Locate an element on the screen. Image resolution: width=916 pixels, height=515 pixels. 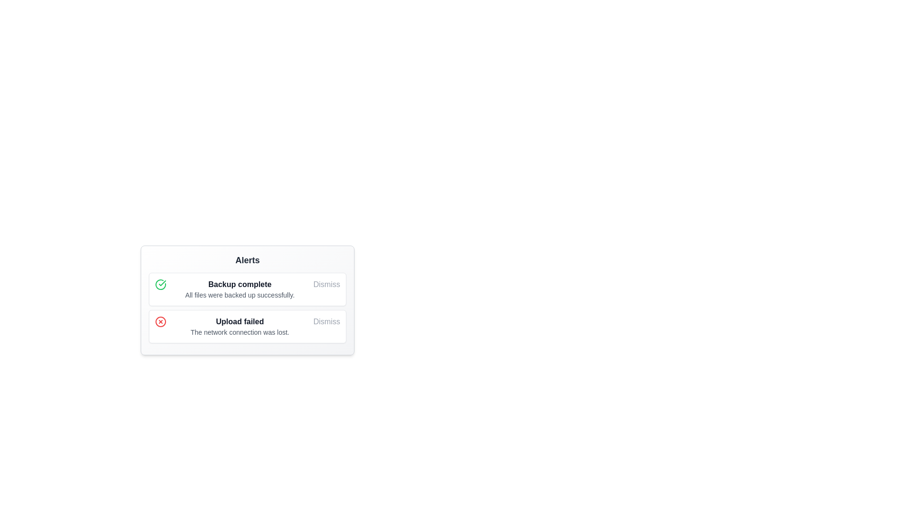
the text label that provides additional details about the 'Upload failed' issue, located beneath the bold 'Upload failed' text in the 'Alerts' notification area is located at coordinates (240, 332).